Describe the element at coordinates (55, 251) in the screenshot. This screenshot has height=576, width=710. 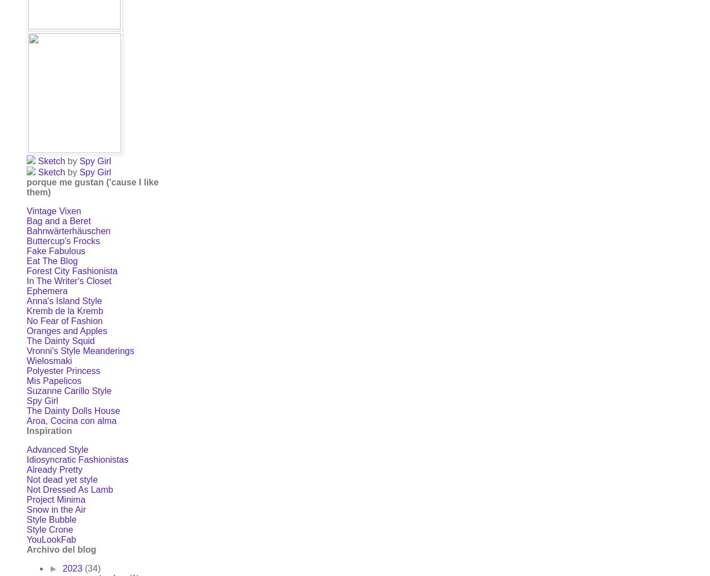
I see `'Fake Fabulous'` at that location.